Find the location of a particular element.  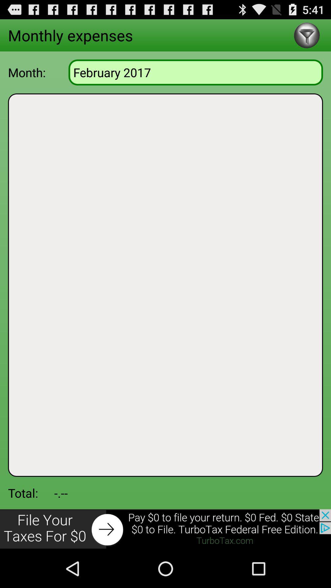

the filter icon is located at coordinates (307, 37).